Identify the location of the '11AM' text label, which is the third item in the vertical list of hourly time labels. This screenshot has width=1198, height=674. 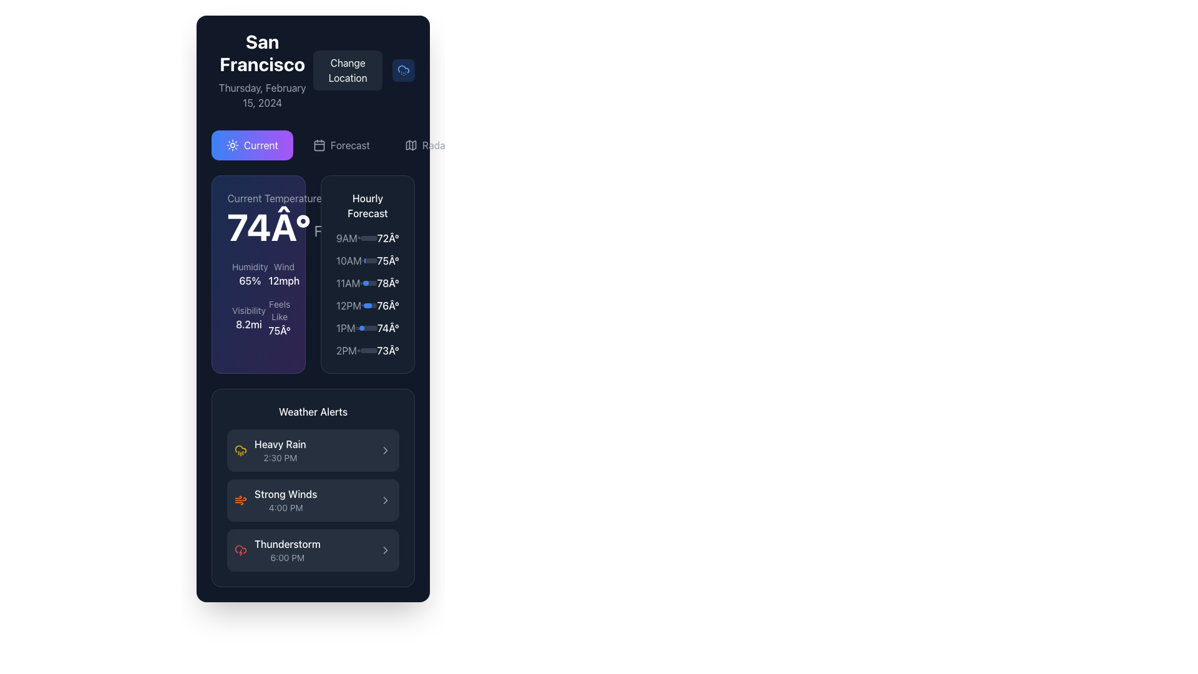
(348, 283).